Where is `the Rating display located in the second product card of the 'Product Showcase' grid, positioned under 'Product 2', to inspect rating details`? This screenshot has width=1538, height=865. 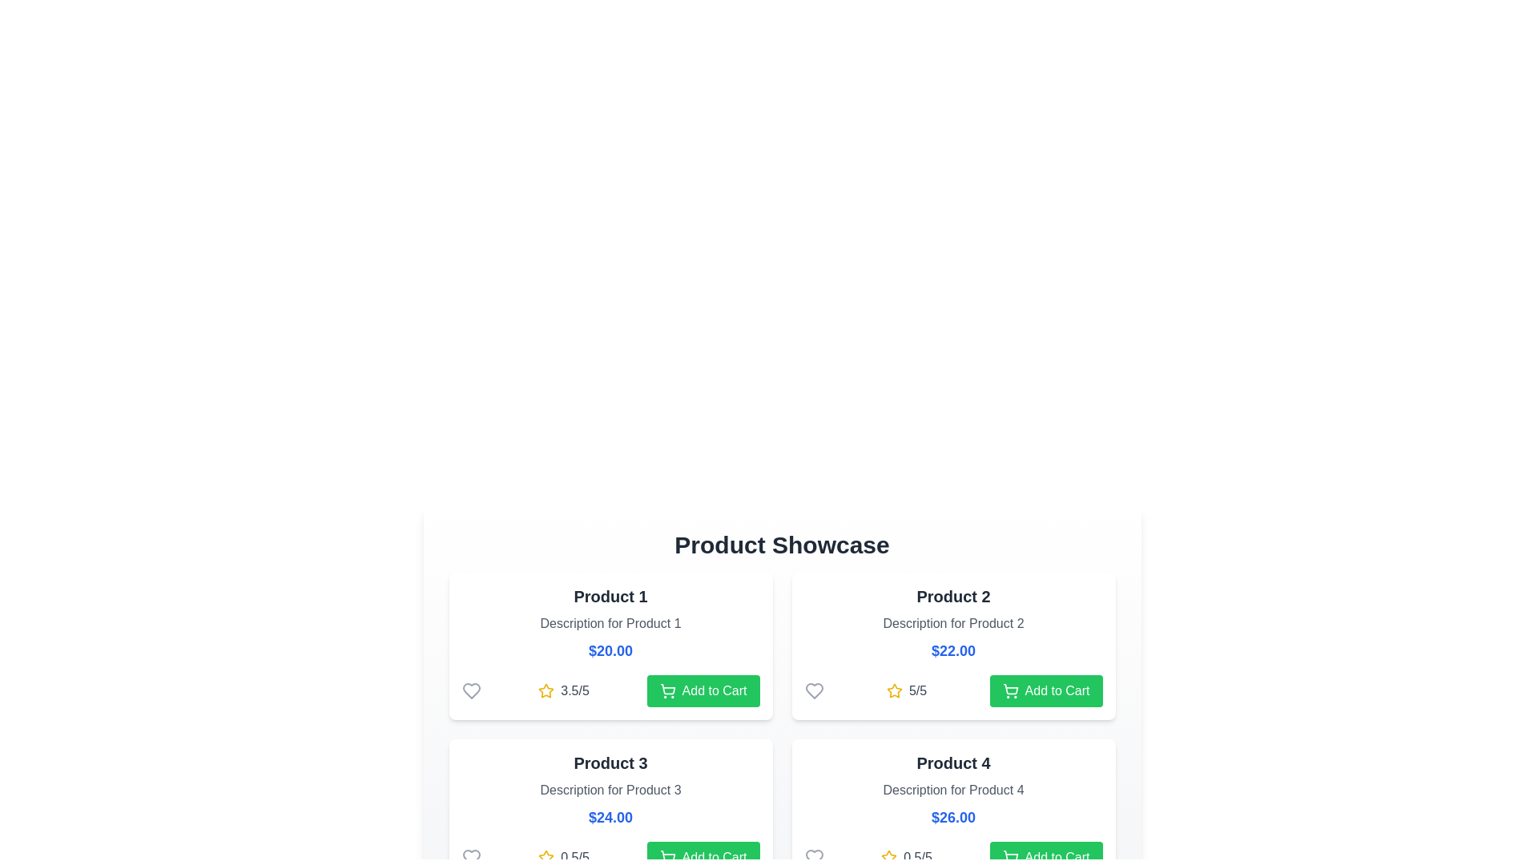 the Rating display located in the second product card of the 'Product Showcase' grid, positioned under 'Product 2', to inspect rating details is located at coordinates (907, 690).